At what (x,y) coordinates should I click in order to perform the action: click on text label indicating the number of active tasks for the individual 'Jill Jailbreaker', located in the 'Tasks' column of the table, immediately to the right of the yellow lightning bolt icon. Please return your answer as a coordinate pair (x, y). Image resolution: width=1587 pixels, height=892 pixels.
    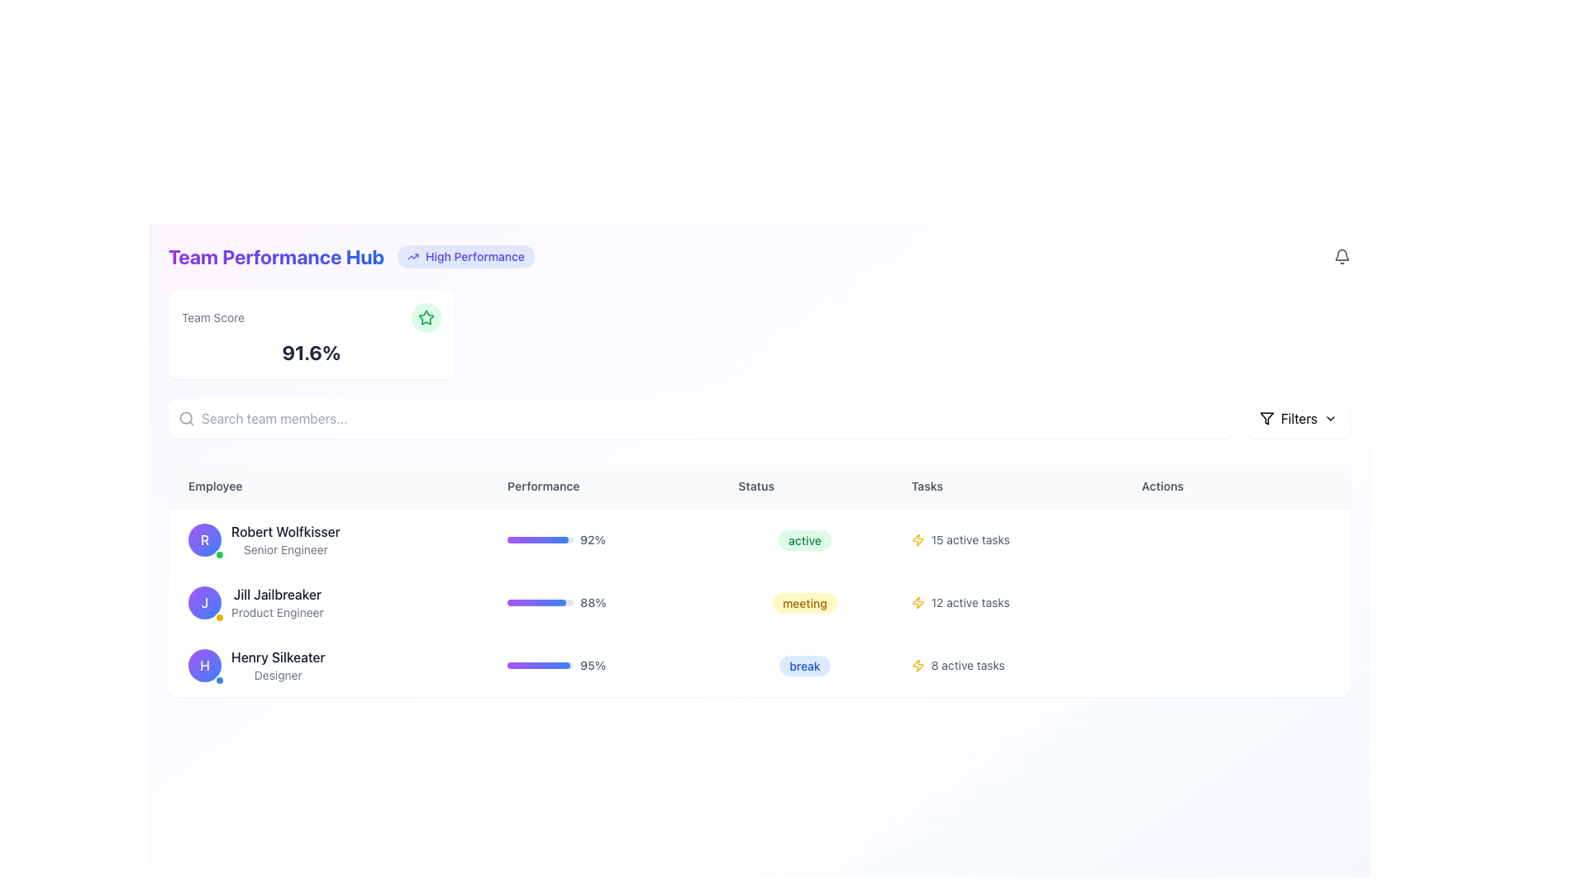
    Looking at the image, I should click on (970, 602).